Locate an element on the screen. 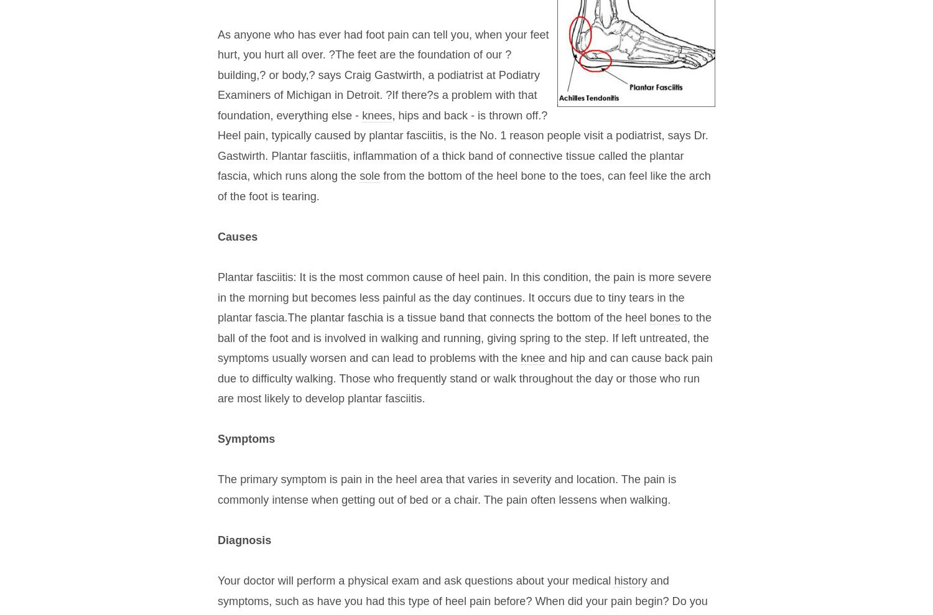 The height and width of the screenshot is (615, 933). 'bones' is located at coordinates (664, 318).